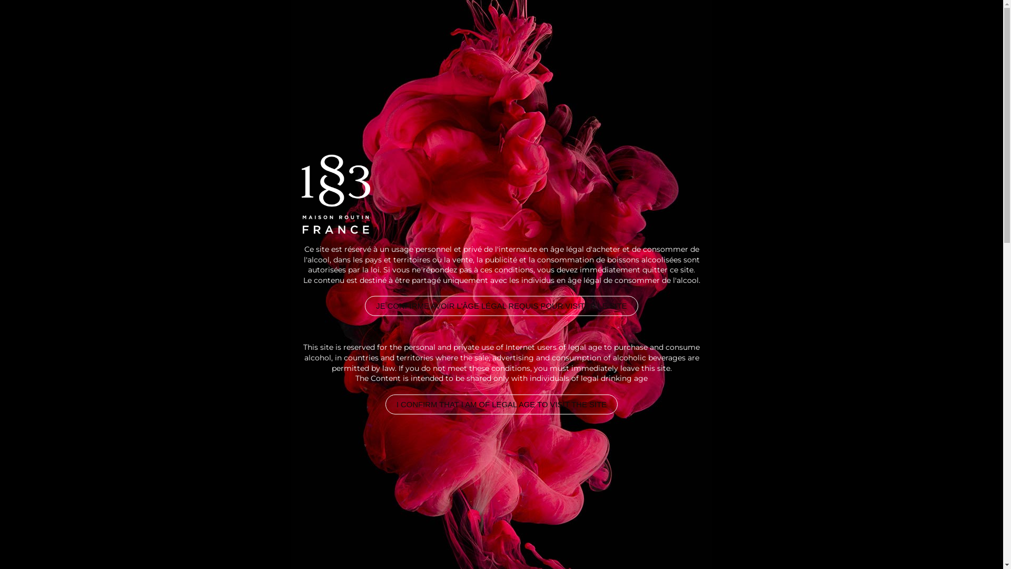  Describe the element at coordinates (166, 42) in the screenshot. I see `'DRINK DESIGN'` at that location.